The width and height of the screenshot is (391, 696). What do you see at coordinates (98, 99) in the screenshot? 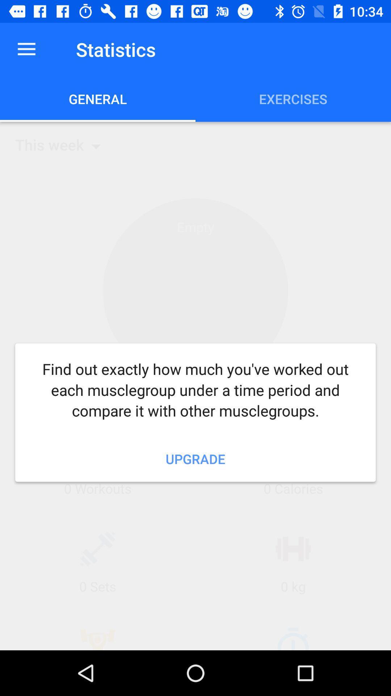
I see `general item` at bounding box center [98, 99].